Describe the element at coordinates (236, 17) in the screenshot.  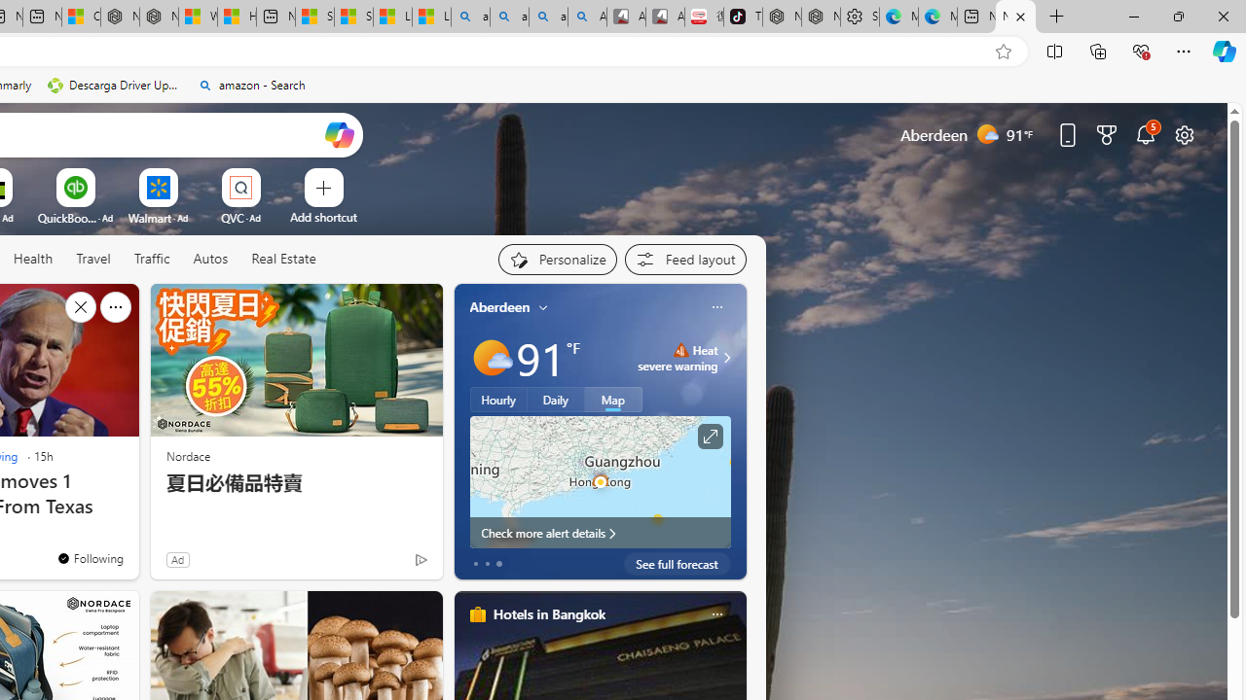
I see `'Huge shark washes ashore at New York City beach | Watch'` at that location.